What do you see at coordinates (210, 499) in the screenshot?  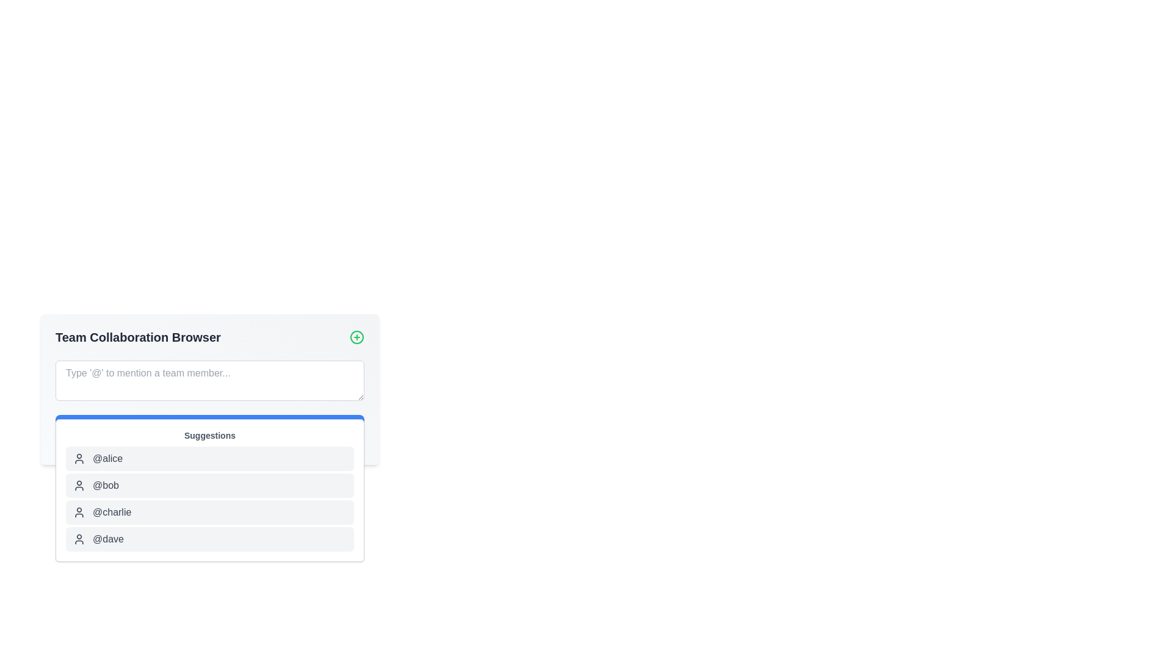 I see `the third username in the vertical list of usernames in the 'Suggestions' section` at bounding box center [210, 499].